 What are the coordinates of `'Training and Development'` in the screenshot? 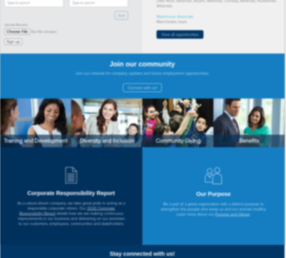 It's located at (3, 141).